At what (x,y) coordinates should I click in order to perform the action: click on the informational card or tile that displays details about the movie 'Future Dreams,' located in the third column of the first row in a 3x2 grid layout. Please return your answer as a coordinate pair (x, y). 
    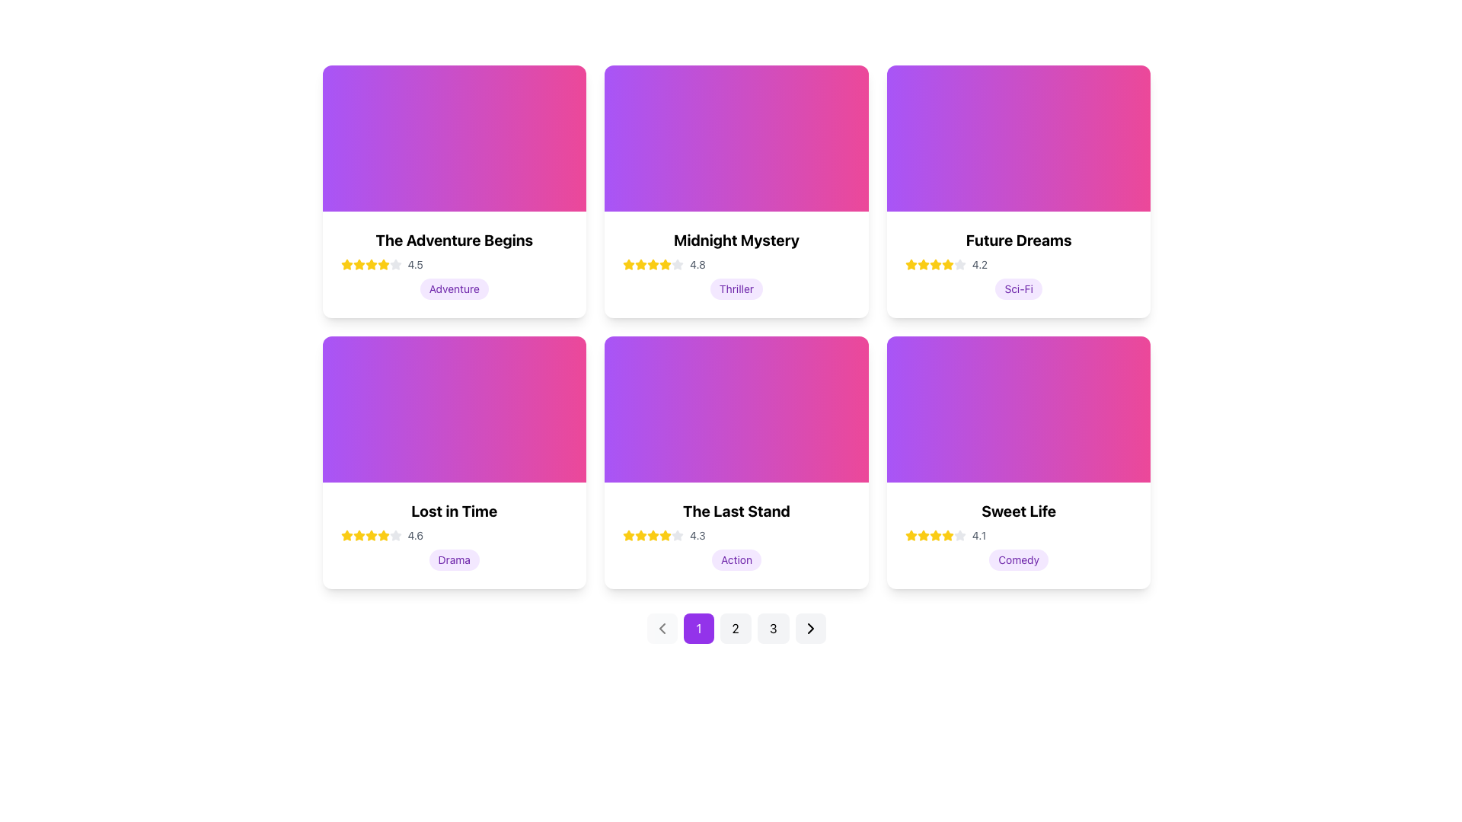
    Looking at the image, I should click on (1019, 263).